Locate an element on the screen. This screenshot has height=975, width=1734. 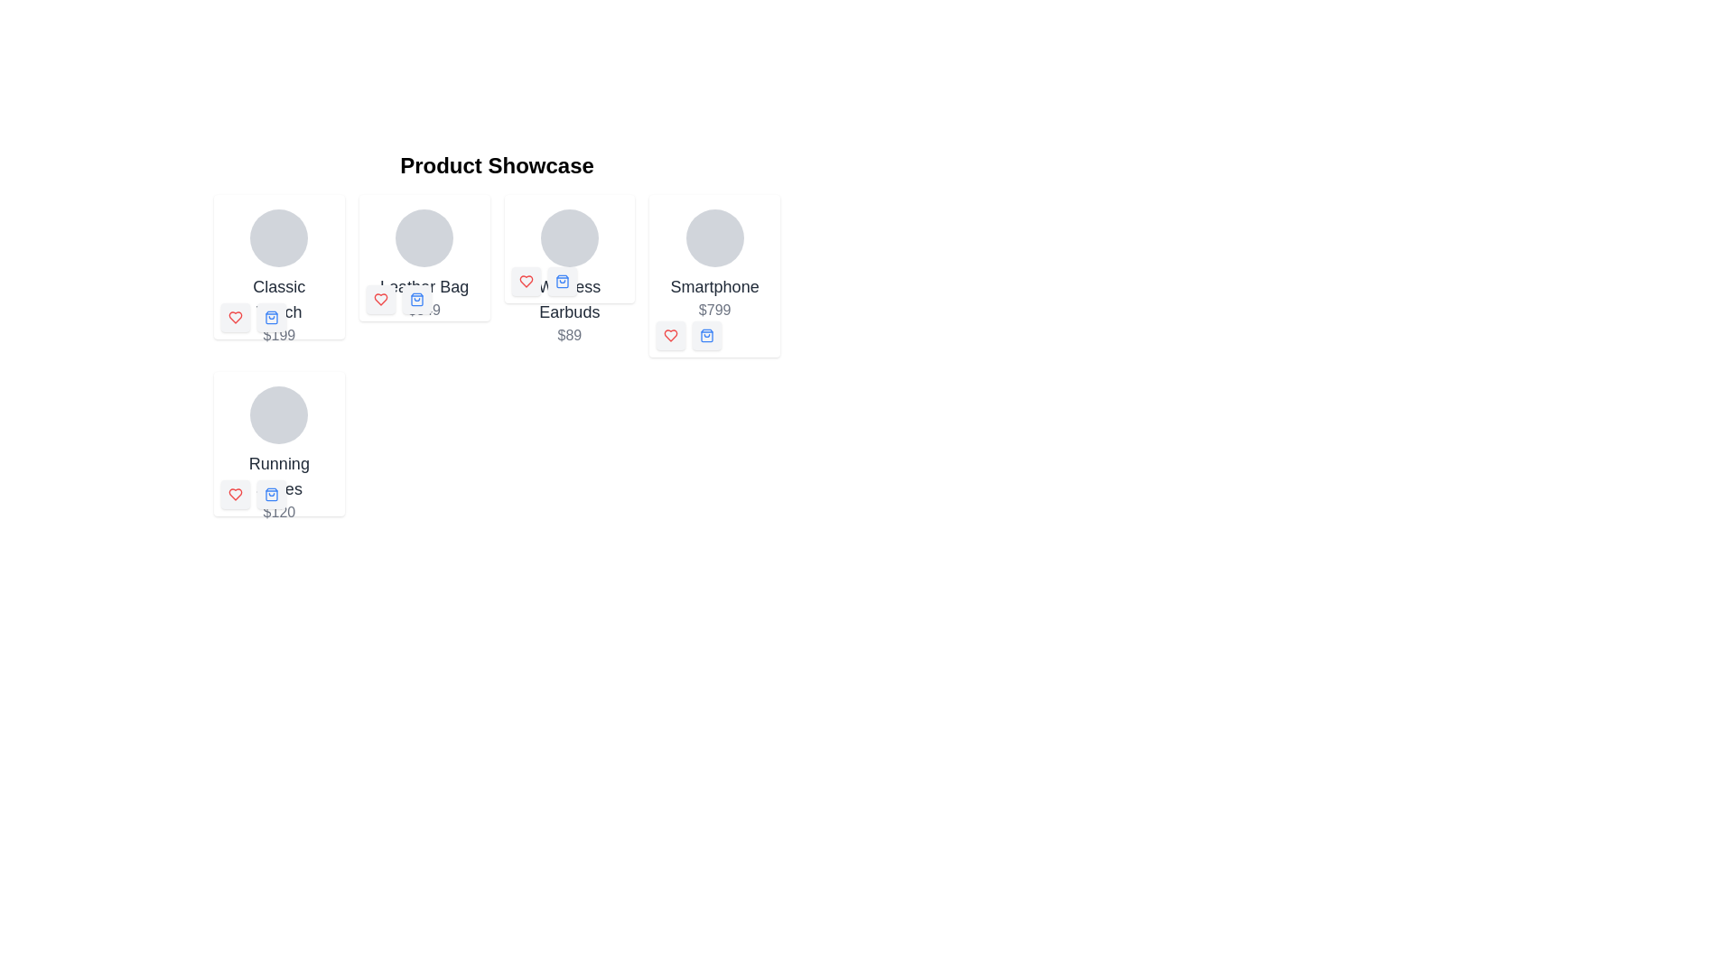
the gray rectangular button with rounded corners containing a blue shopping bag icon, located at the bottom left corner of the 'Running Shoes' product card is located at coordinates (271, 494).